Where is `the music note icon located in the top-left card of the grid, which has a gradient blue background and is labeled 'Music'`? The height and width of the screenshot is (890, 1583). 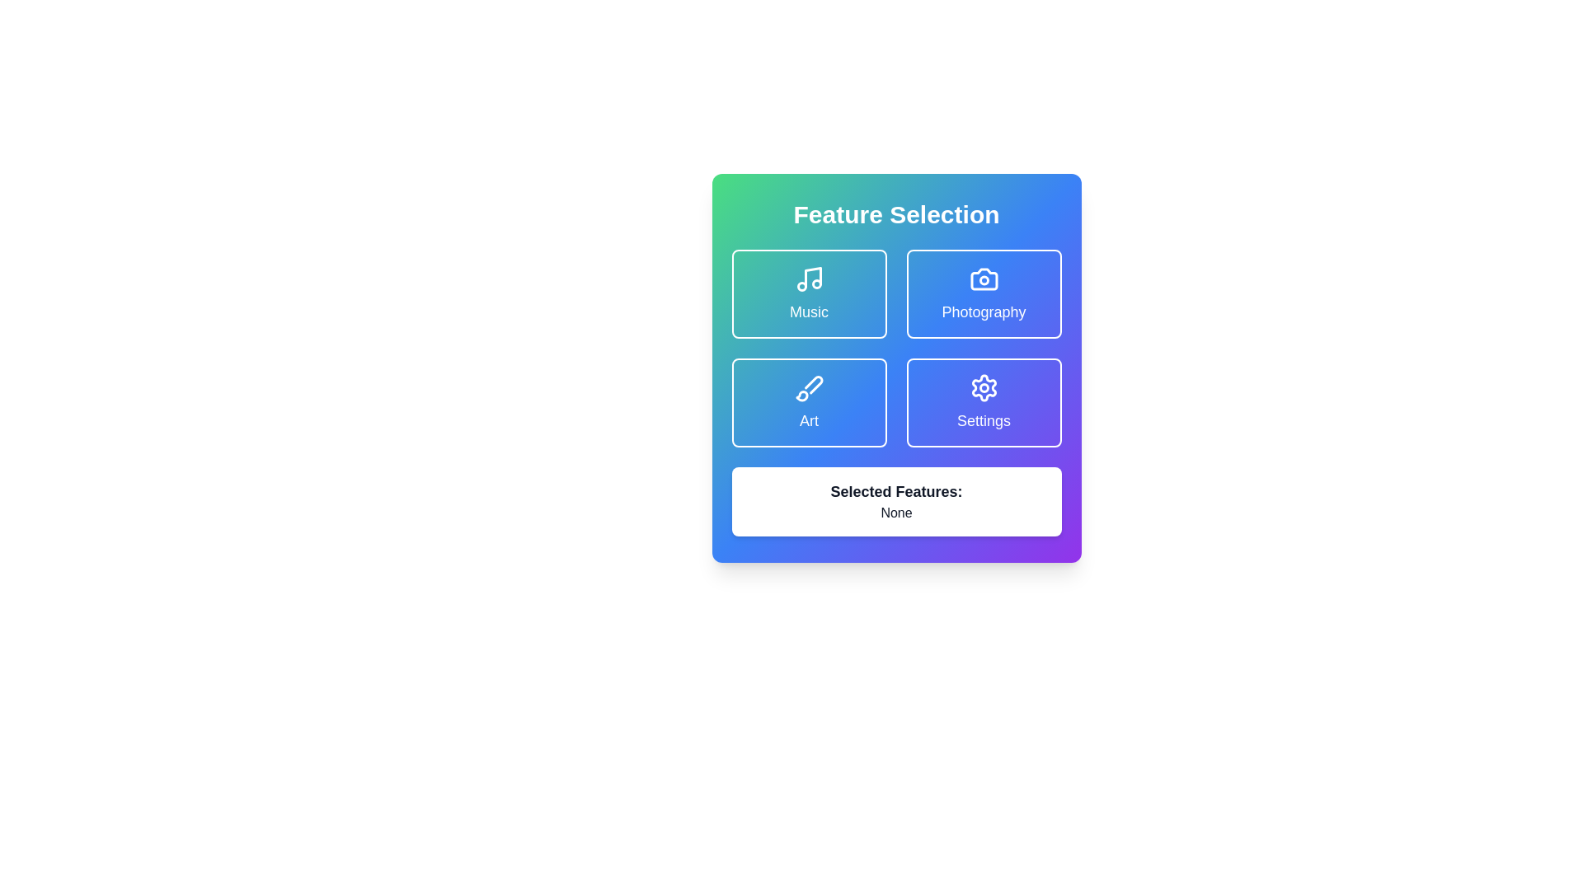 the music note icon located in the top-left card of the grid, which has a gradient blue background and is labeled 'Music' is located at coordinates (812, 276).